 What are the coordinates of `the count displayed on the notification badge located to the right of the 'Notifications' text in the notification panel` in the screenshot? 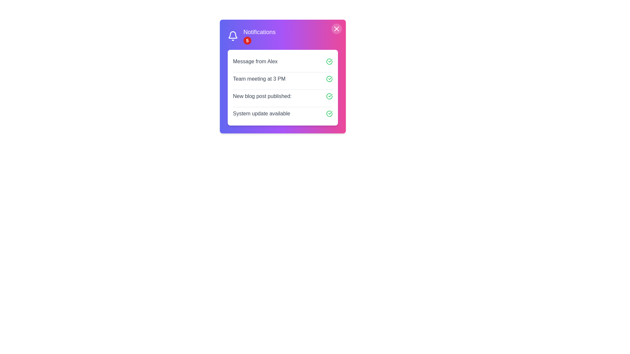 It's located at (247, 40).